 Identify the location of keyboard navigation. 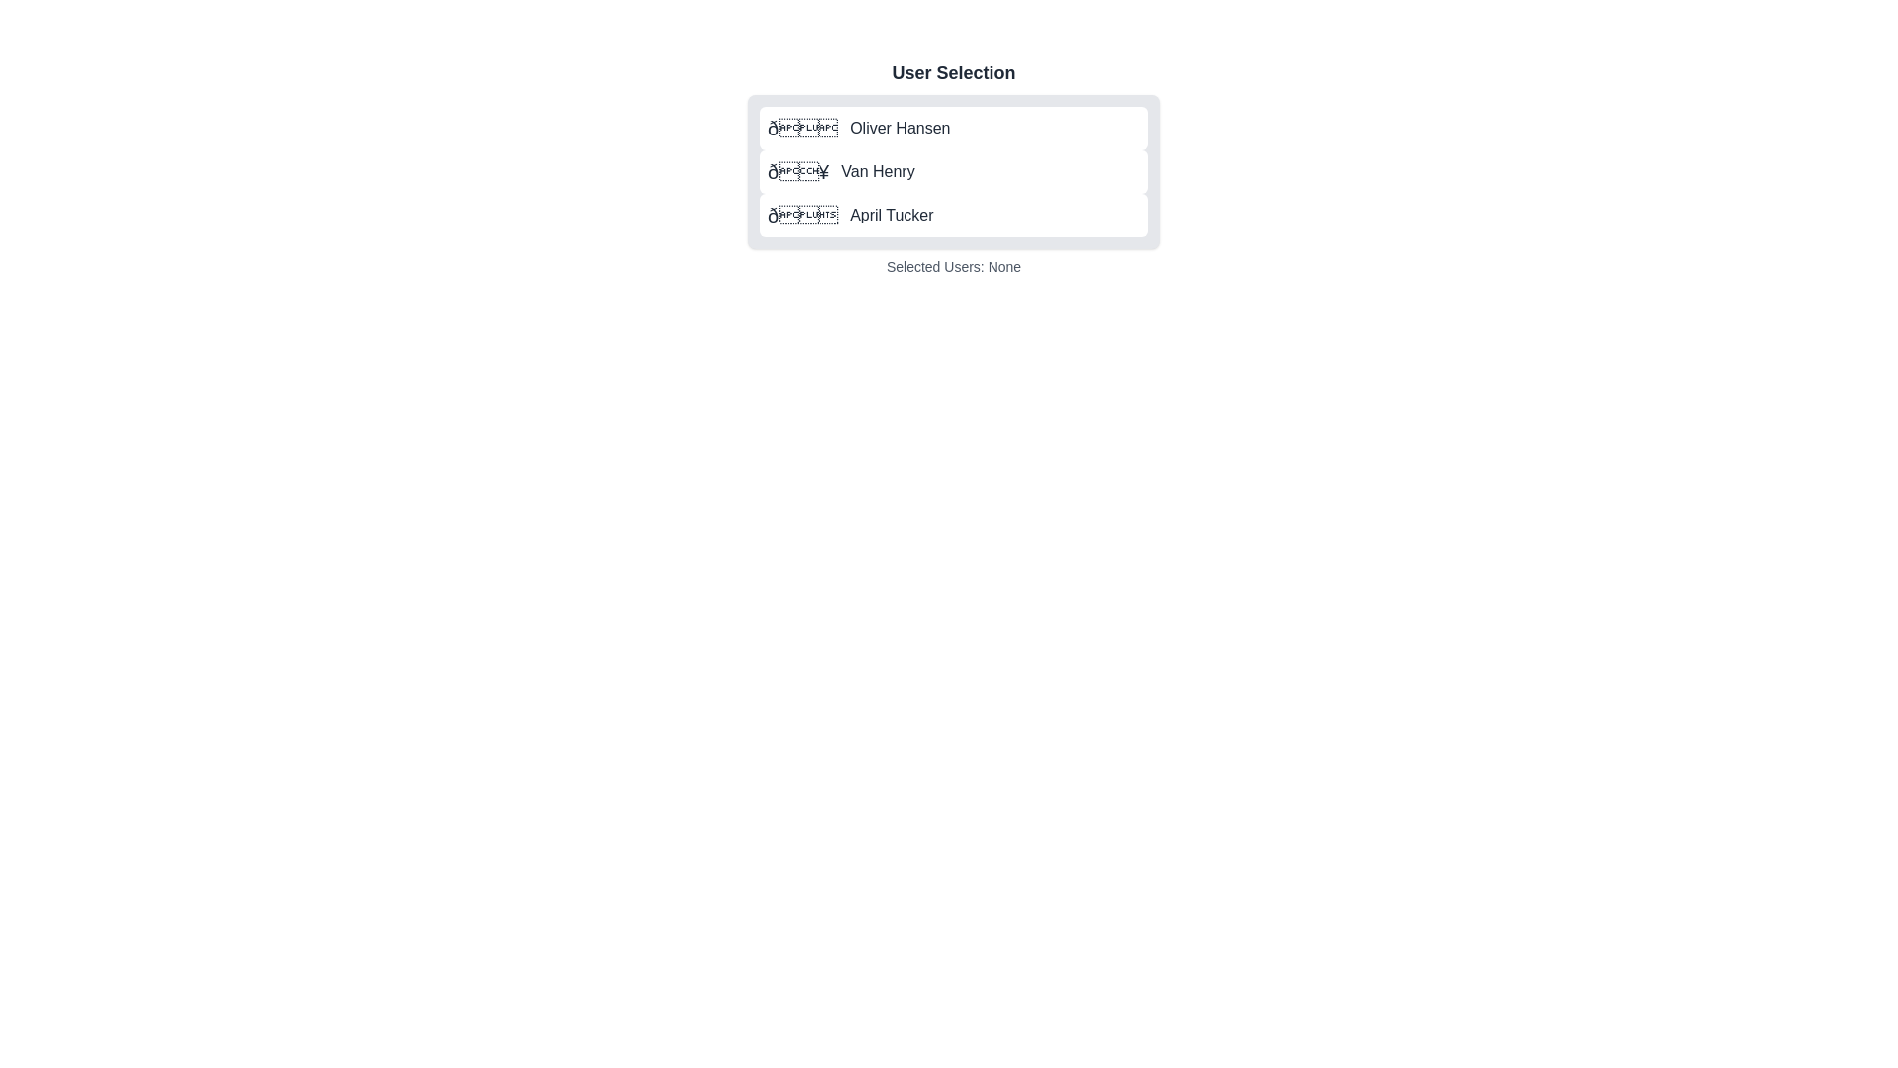
(841, 170).